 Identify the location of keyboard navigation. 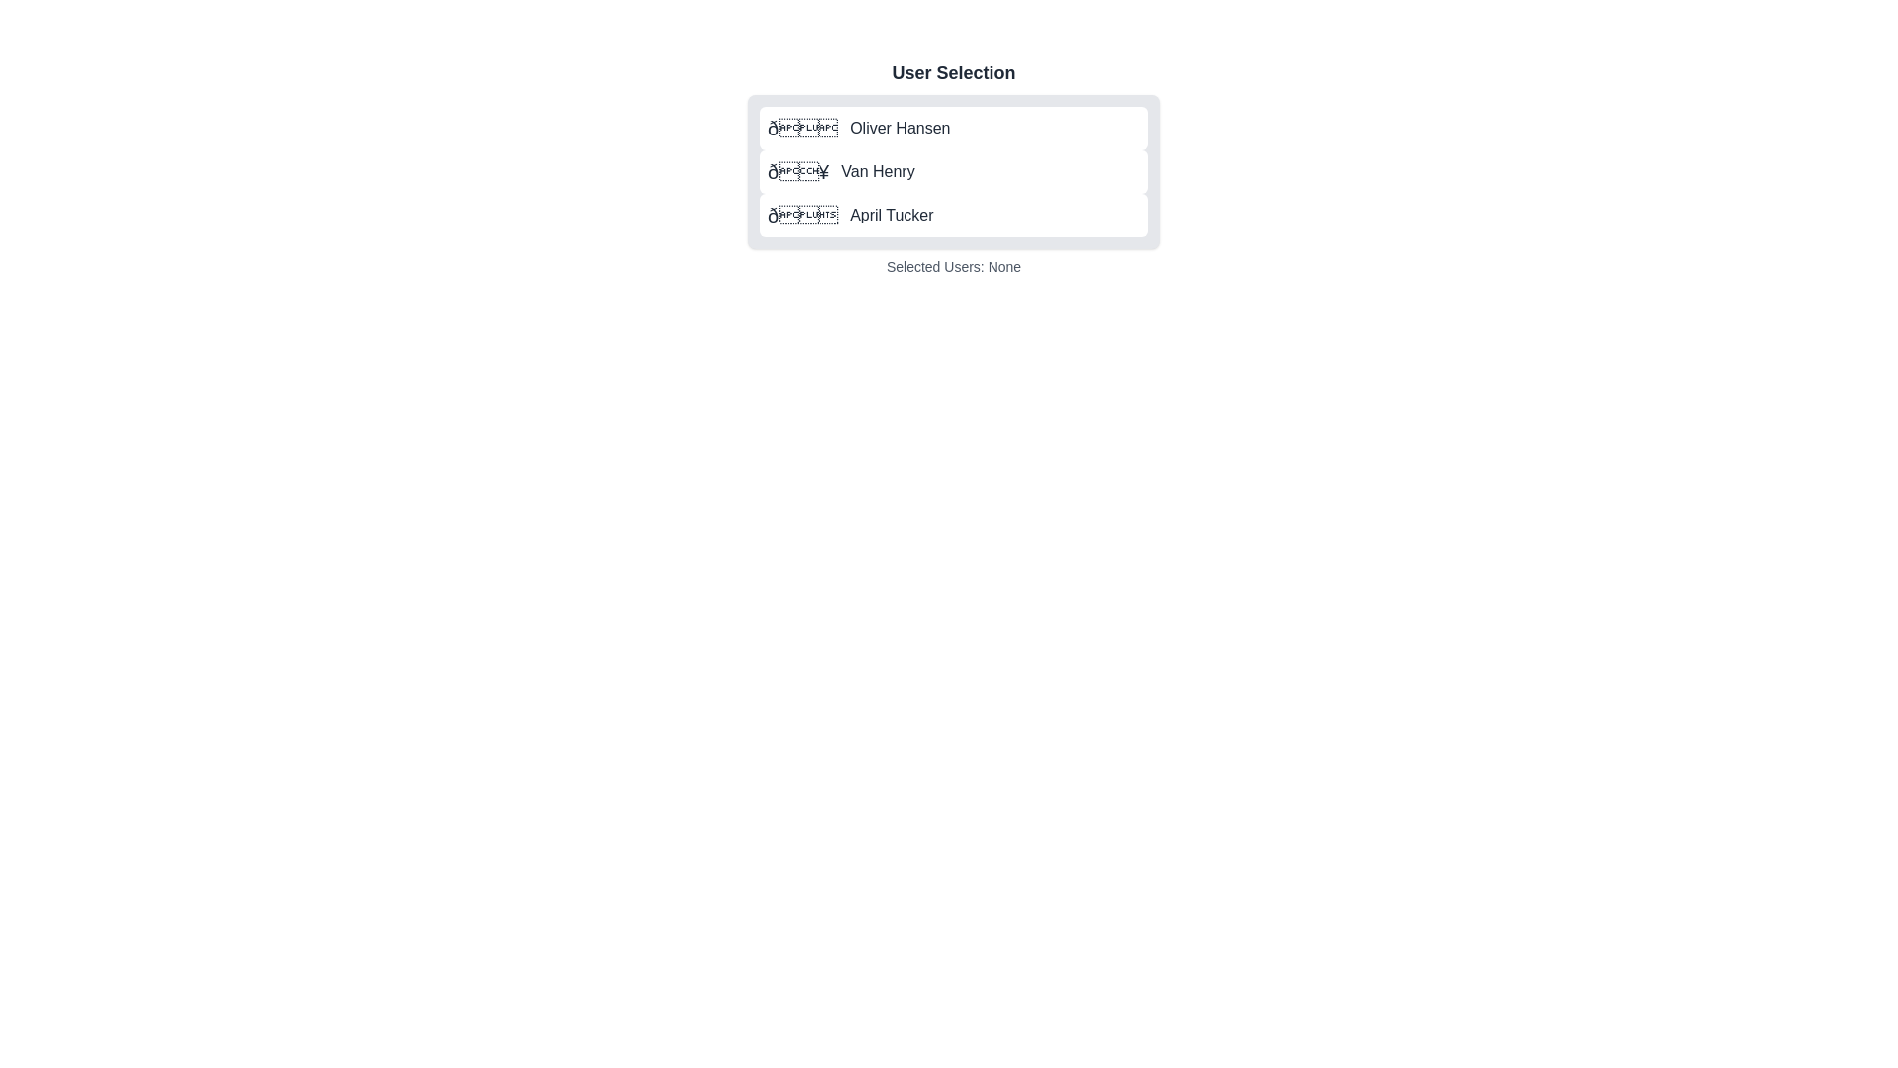
(841, 170).